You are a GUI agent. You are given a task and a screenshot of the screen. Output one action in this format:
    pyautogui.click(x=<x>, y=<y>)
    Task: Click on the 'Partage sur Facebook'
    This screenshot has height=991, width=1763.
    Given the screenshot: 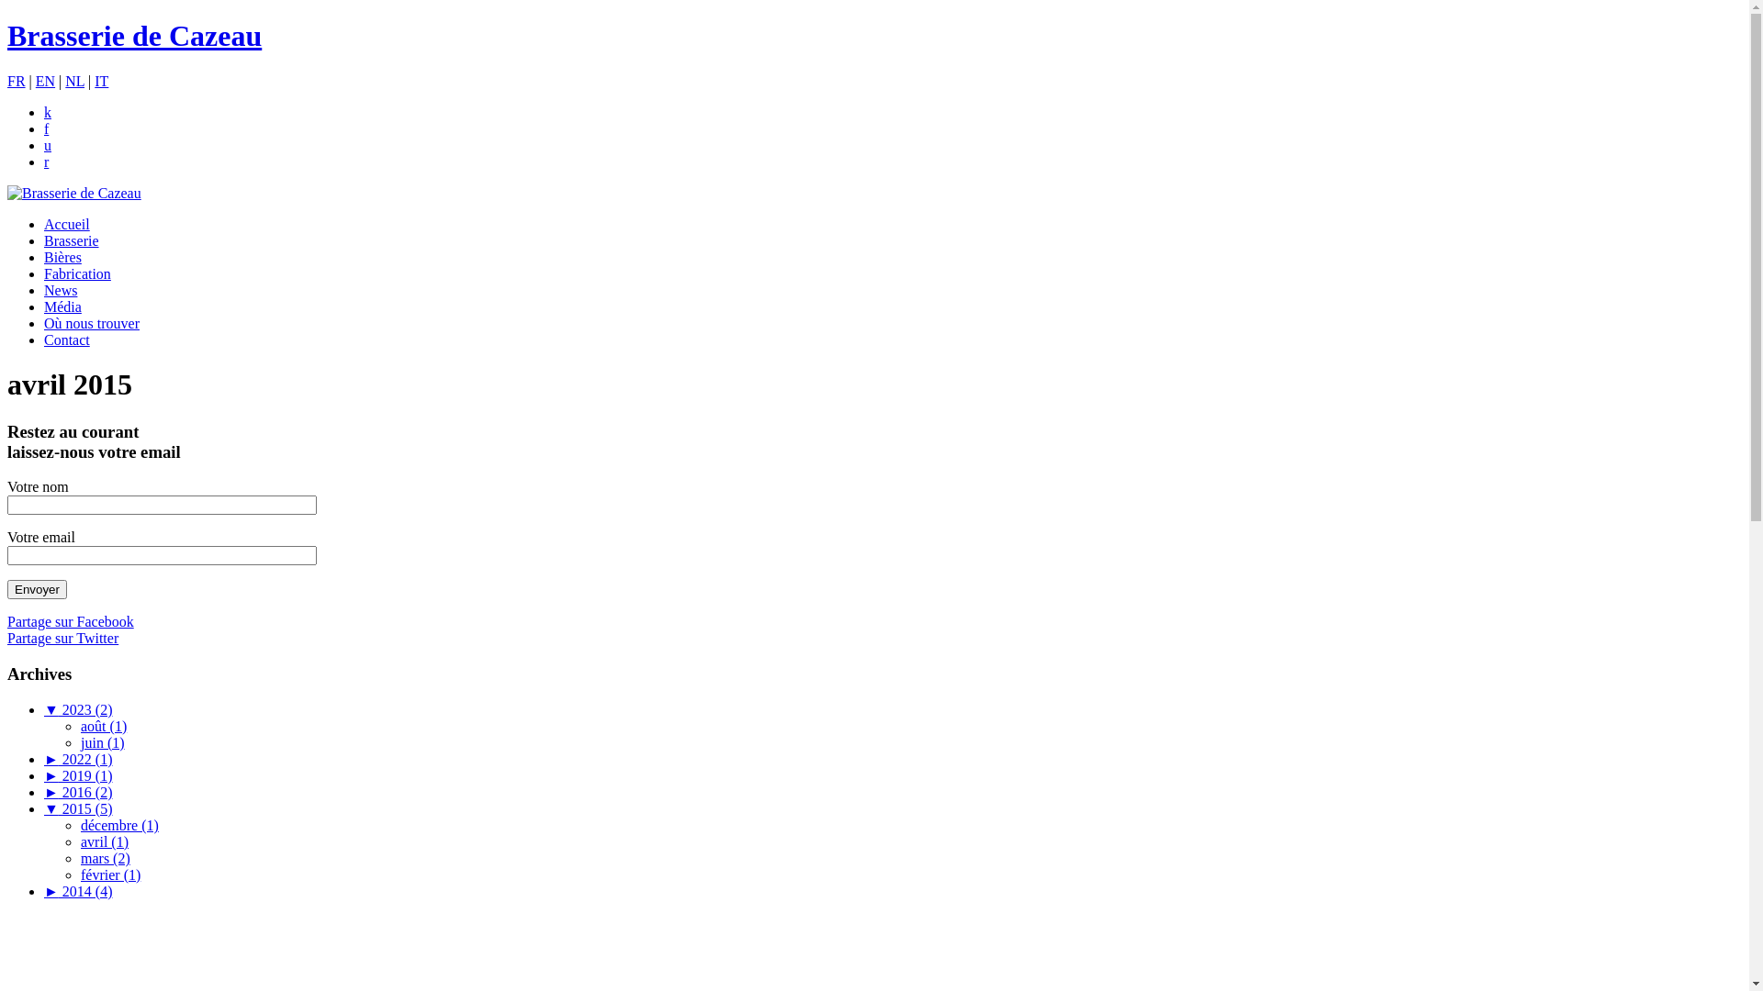 What is the action you would take?
    pyautogui.click(x=7, y=620)
    